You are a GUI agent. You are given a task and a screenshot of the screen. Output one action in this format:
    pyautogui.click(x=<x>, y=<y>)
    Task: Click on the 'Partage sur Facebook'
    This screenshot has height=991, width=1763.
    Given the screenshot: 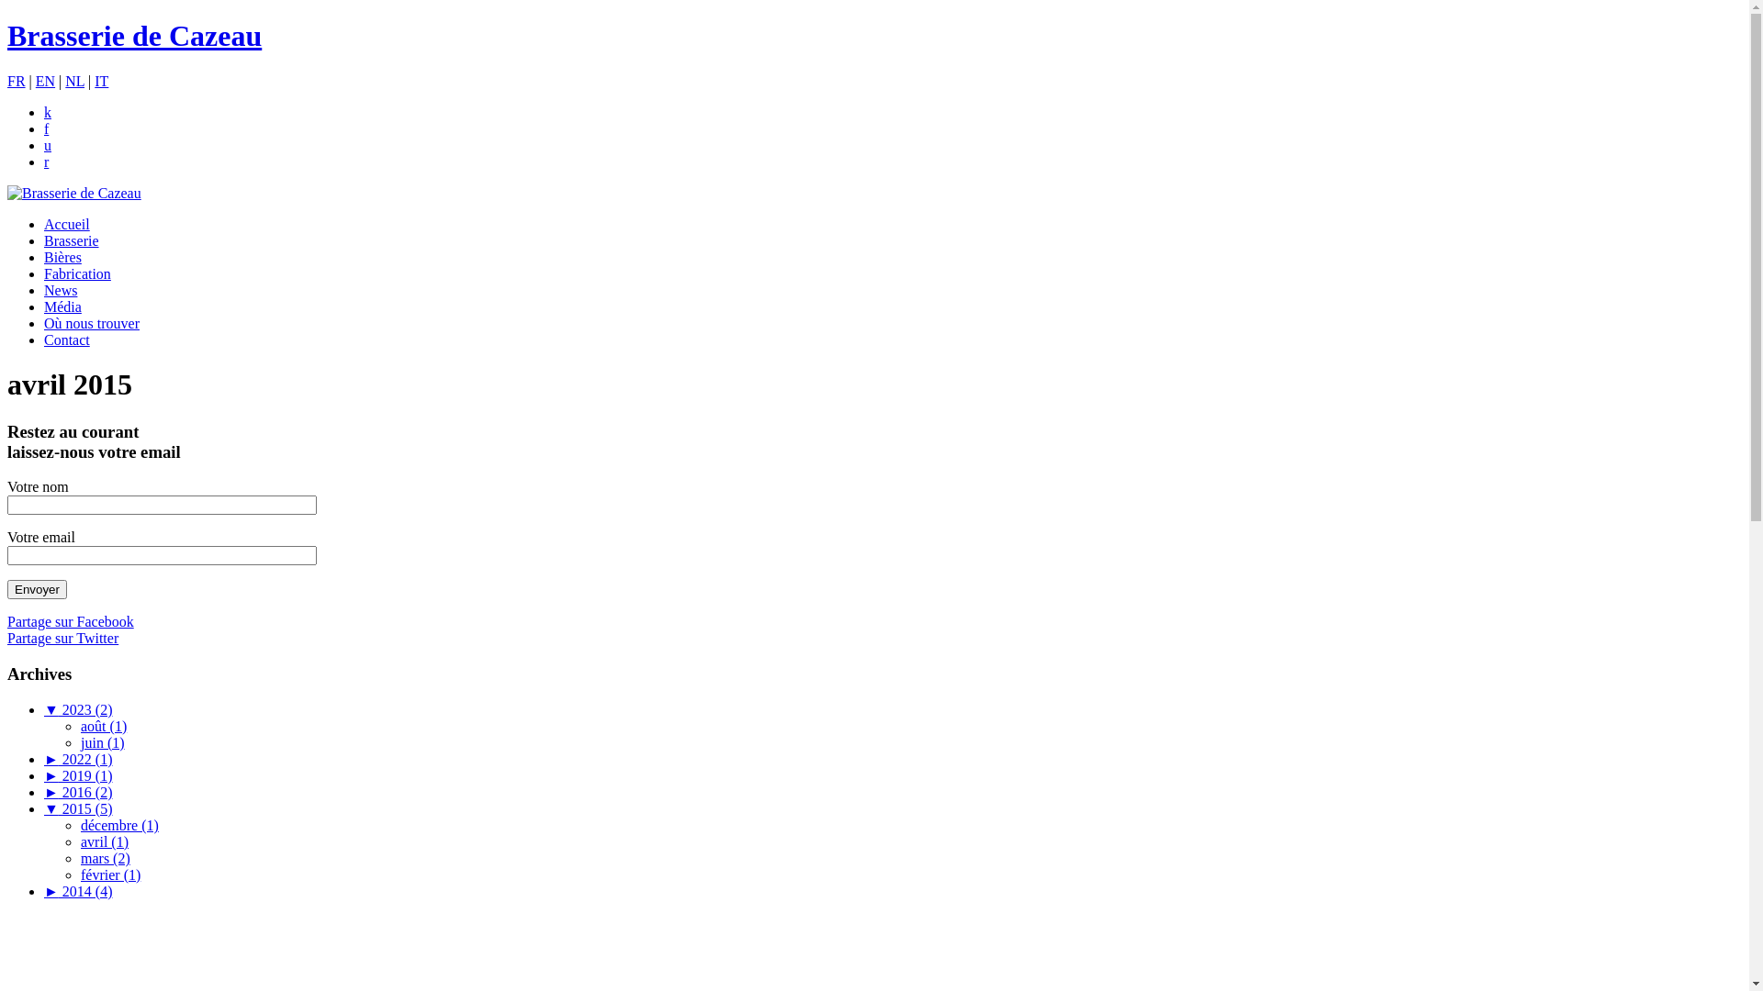 What is the action you would take?
    pyautogui.click(x=7, y=620)
    